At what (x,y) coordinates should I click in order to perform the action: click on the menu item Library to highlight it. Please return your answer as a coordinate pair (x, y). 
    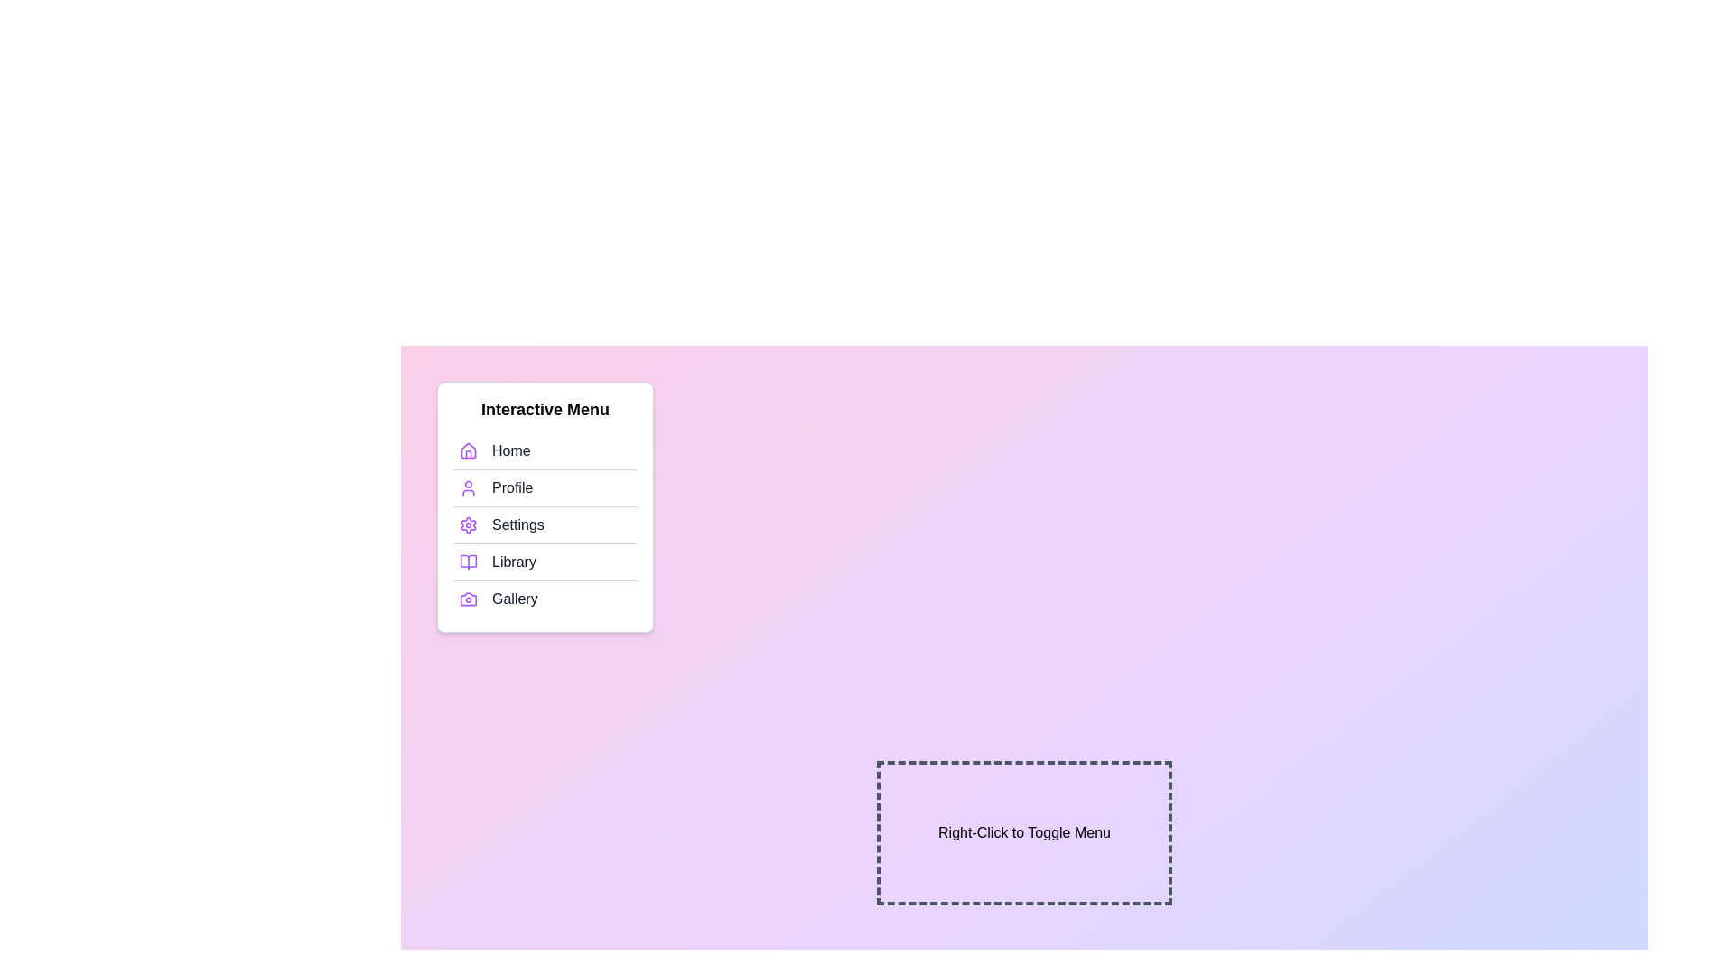
    Looking at the image, I should click on (545, 561).